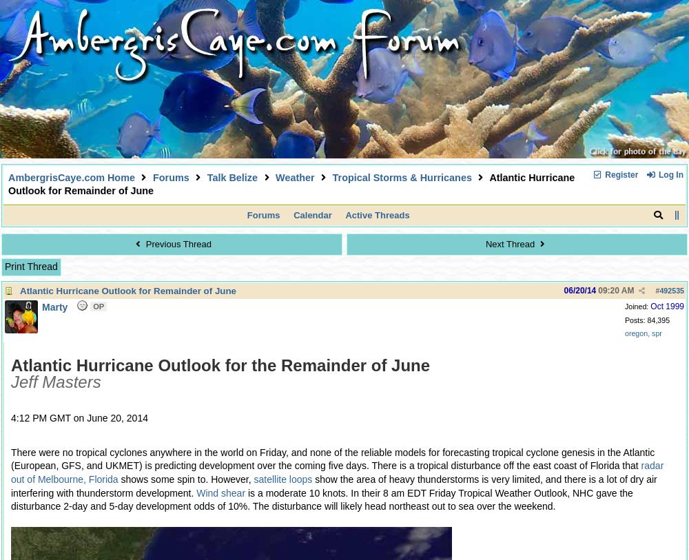  I want to click on 'Log In', so click(669, 174).